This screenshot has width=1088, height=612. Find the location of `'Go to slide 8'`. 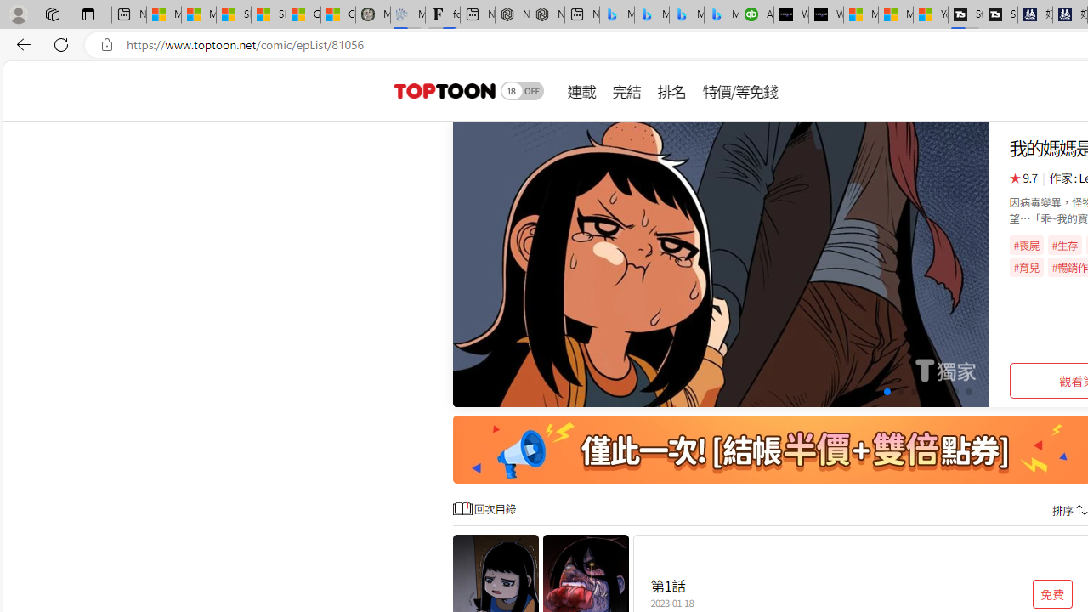

'Go to slide 8' is located at coordinates (940, 392).